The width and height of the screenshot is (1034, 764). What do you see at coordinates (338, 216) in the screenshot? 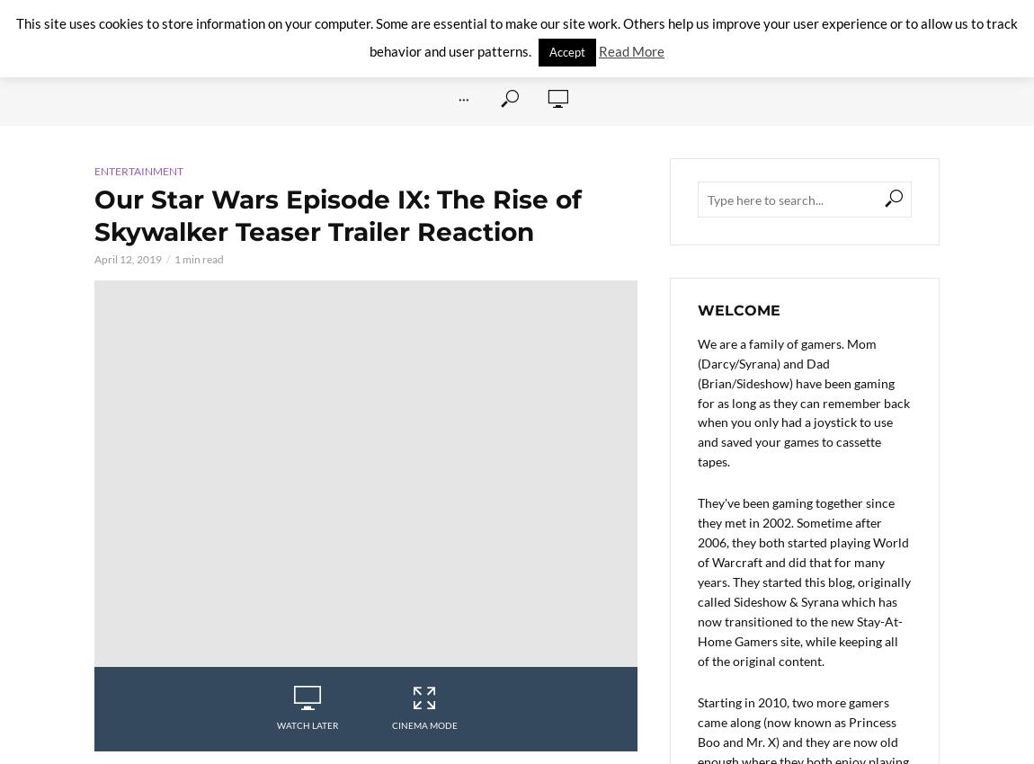
I see `'Our Star Wars Episode IX: The Rise of Skywalker Teaser Trailer Reaction'` at bounding box center [338, 216].